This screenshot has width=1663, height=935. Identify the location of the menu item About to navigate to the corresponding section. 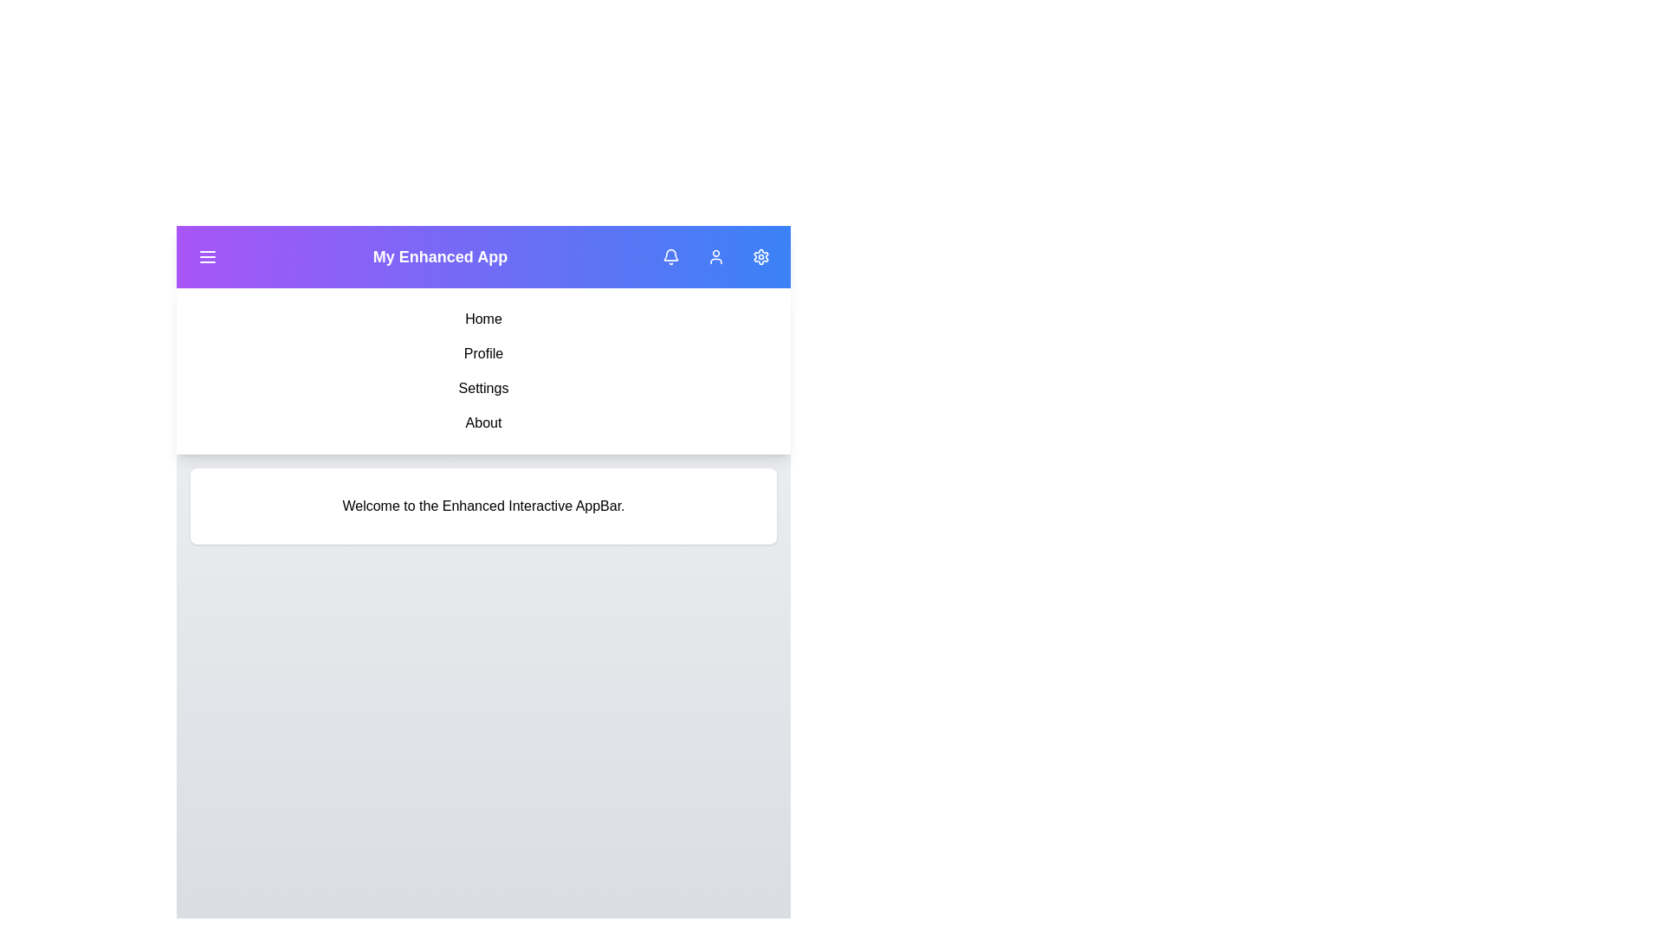
(483, 423).